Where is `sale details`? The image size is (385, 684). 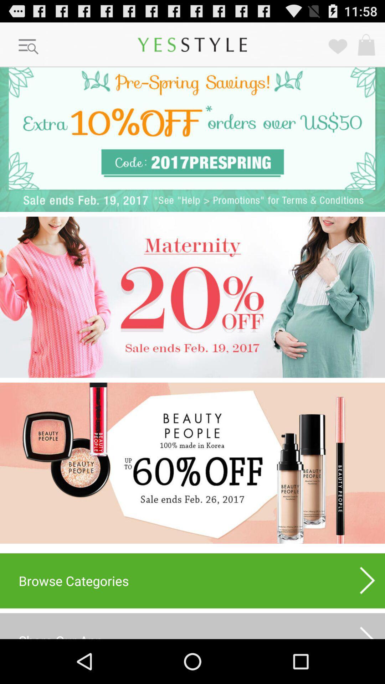 sale details is located at coordinates (192, 463).